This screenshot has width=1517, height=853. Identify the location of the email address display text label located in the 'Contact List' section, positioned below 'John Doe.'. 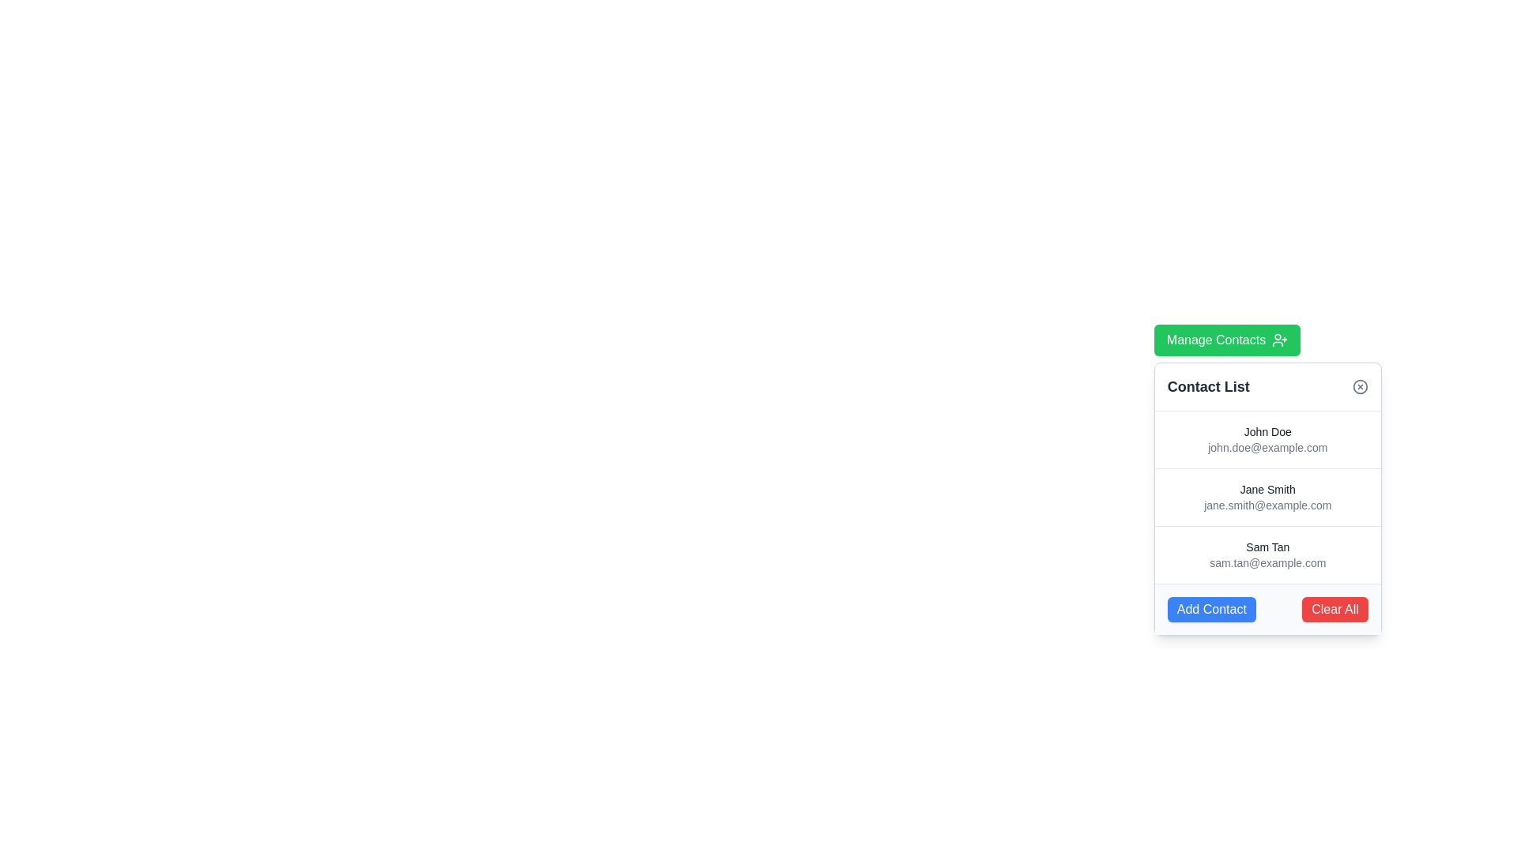
(1267, 448).